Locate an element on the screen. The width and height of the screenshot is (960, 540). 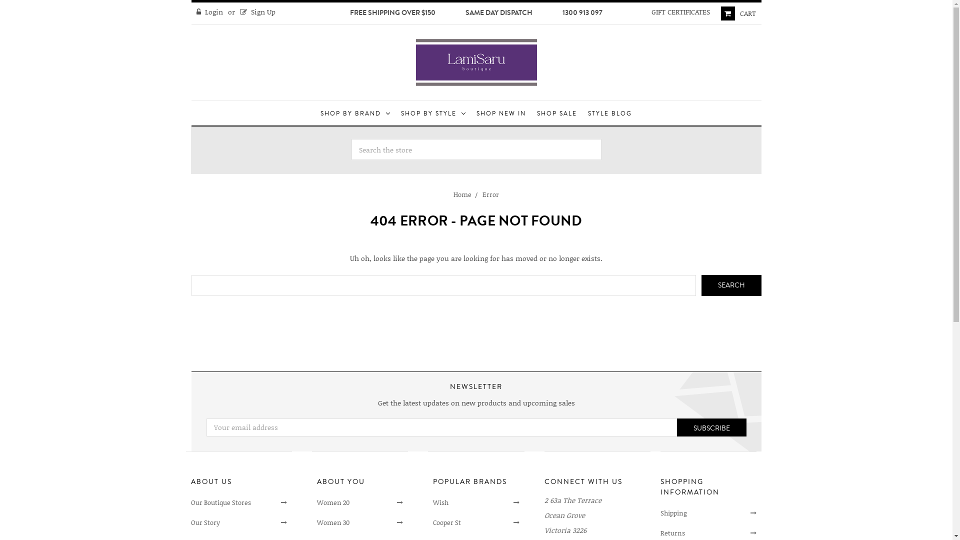
'Home' is located at coordinates (462, 194).